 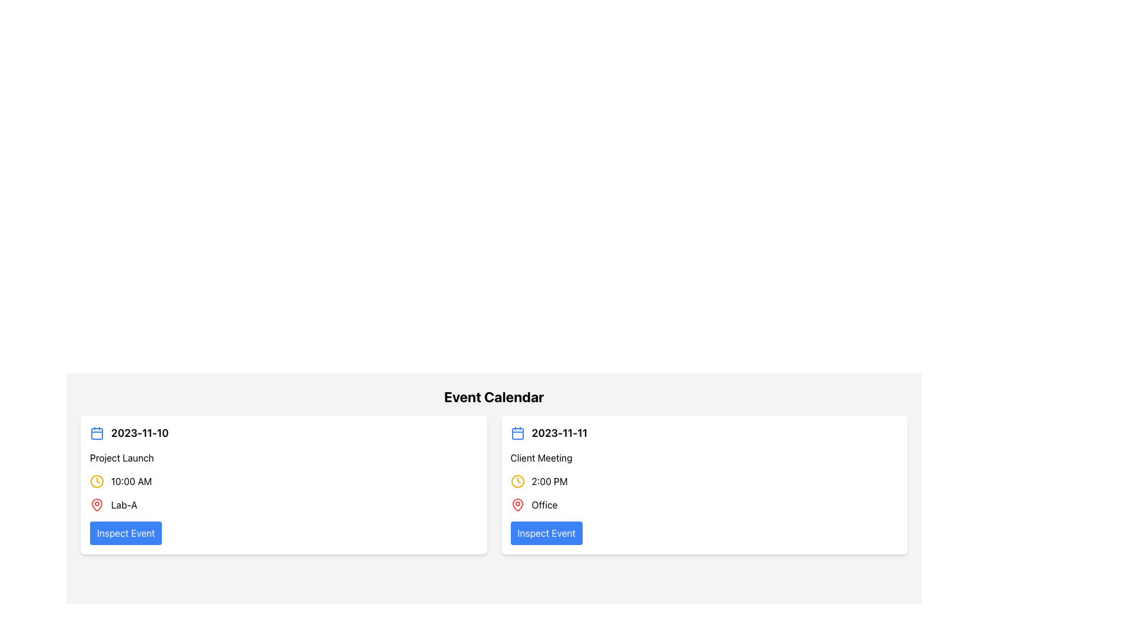 What do you see at coordinates (539, 481) in the screenshot?
I see `scheduled time displayed in the Time Label with Icon for the 'Client Meeting' event, located in the second row of the event details card` at bounding box center [539, 481].